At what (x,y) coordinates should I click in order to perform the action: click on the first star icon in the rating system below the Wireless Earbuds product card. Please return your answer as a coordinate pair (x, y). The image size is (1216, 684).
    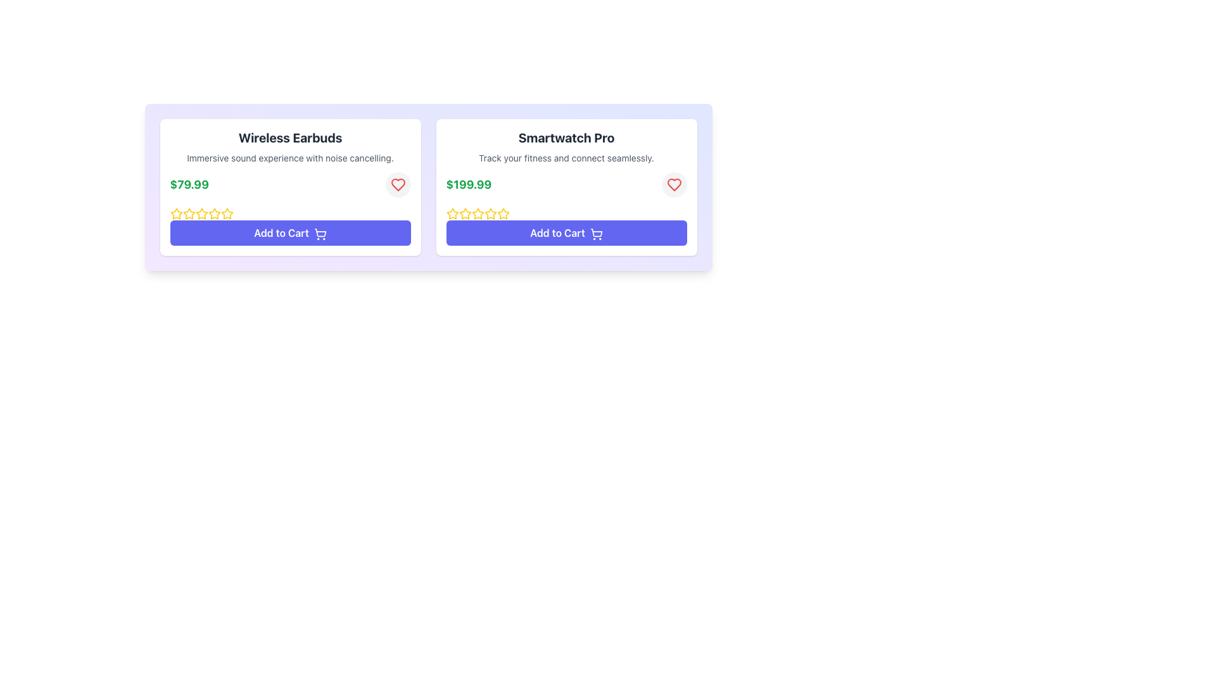
    Looking at the image, I should click on (175, 213).